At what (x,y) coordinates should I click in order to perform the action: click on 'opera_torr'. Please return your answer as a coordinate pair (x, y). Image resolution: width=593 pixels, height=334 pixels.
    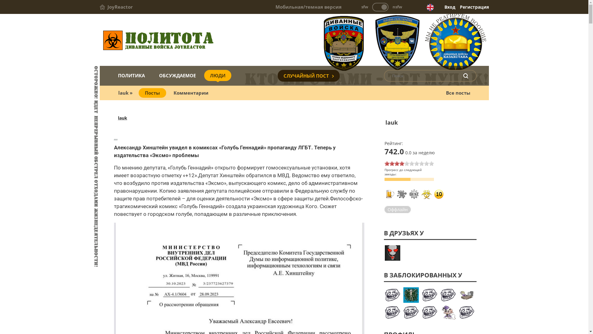
    Looking at the image, I should click on (448, 294).